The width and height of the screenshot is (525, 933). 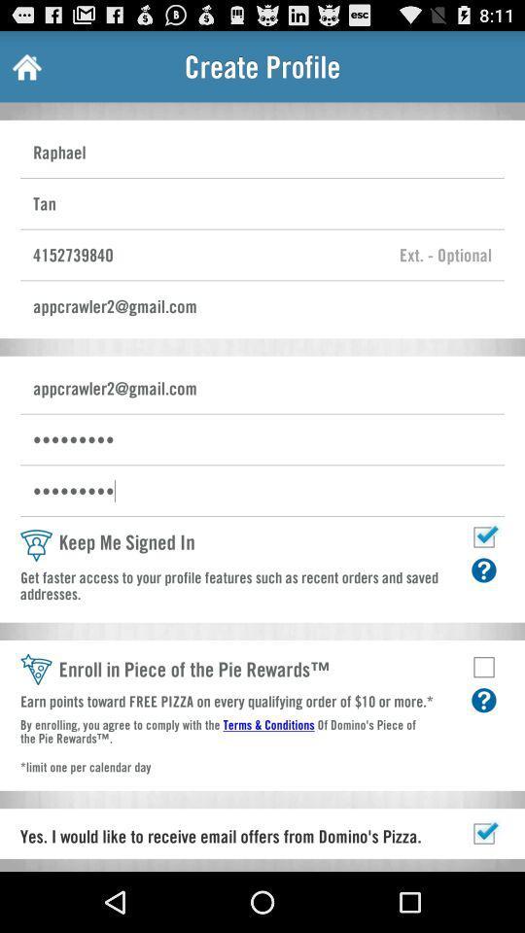 What do you see at coordinates (482, 833) in the screenshot?
I see `button of tick mark` at bounding box center [482, 833].